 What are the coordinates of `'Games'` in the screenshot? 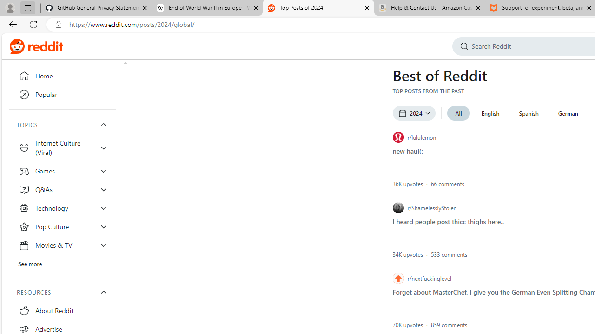 It's located at (62, 171).